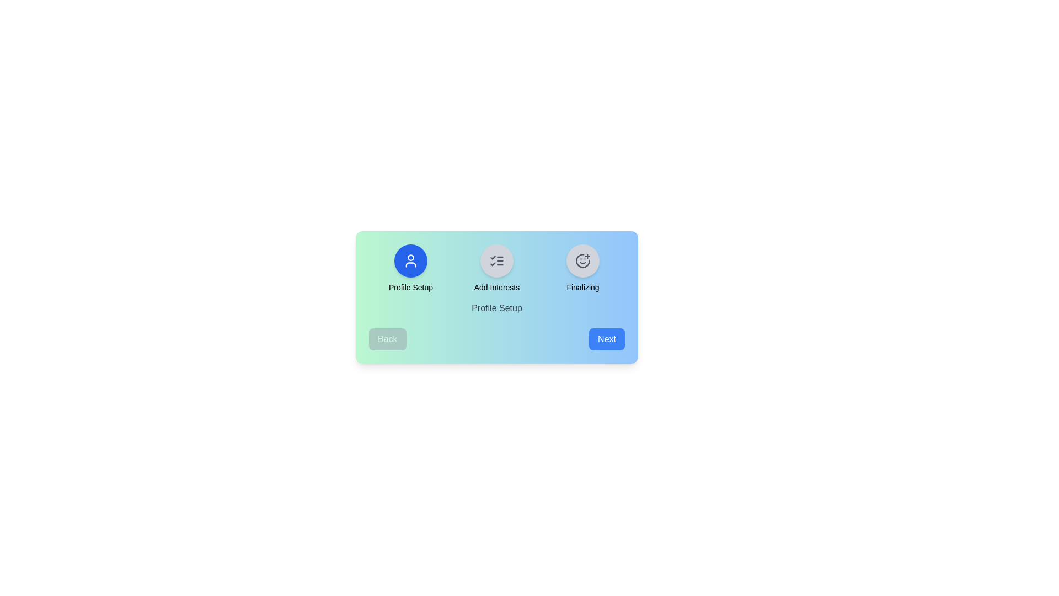  Describe the element at coordinates (582, 261) in the screenshot. I see `the step icon corresponding to Finalizing` at that location.